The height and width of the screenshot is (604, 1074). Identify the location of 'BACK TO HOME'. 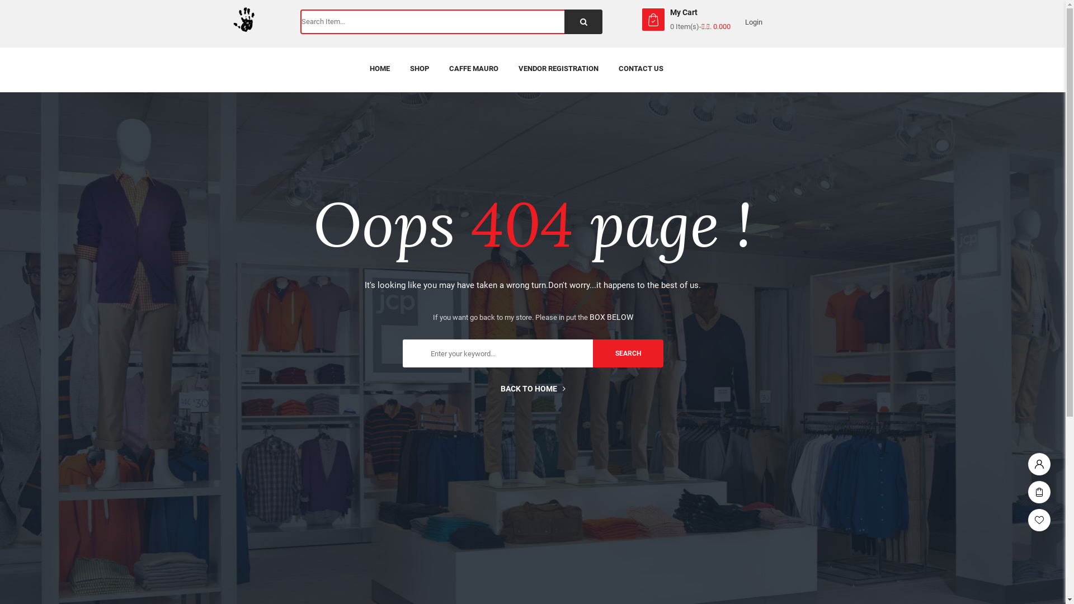
(531, 388).